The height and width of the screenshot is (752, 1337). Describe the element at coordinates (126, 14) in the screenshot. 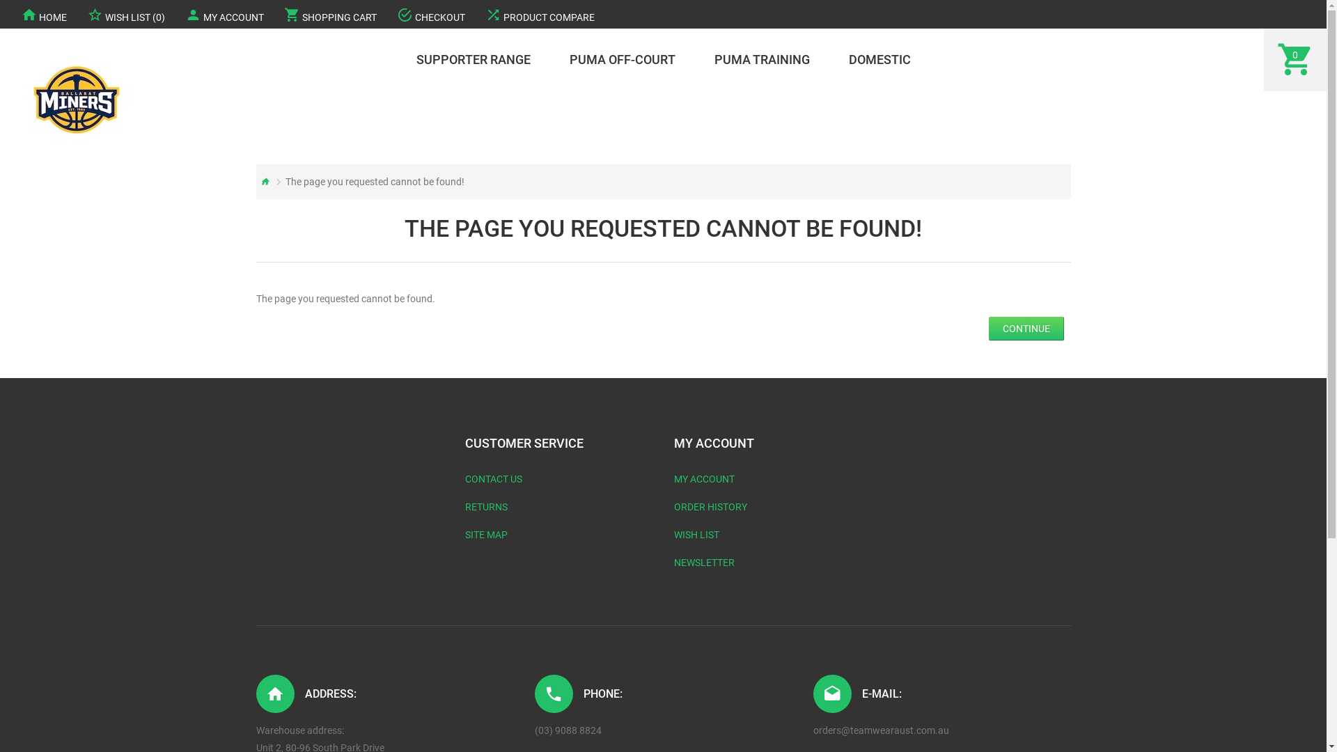

I see `'WISH LIST (0)'` at that location.